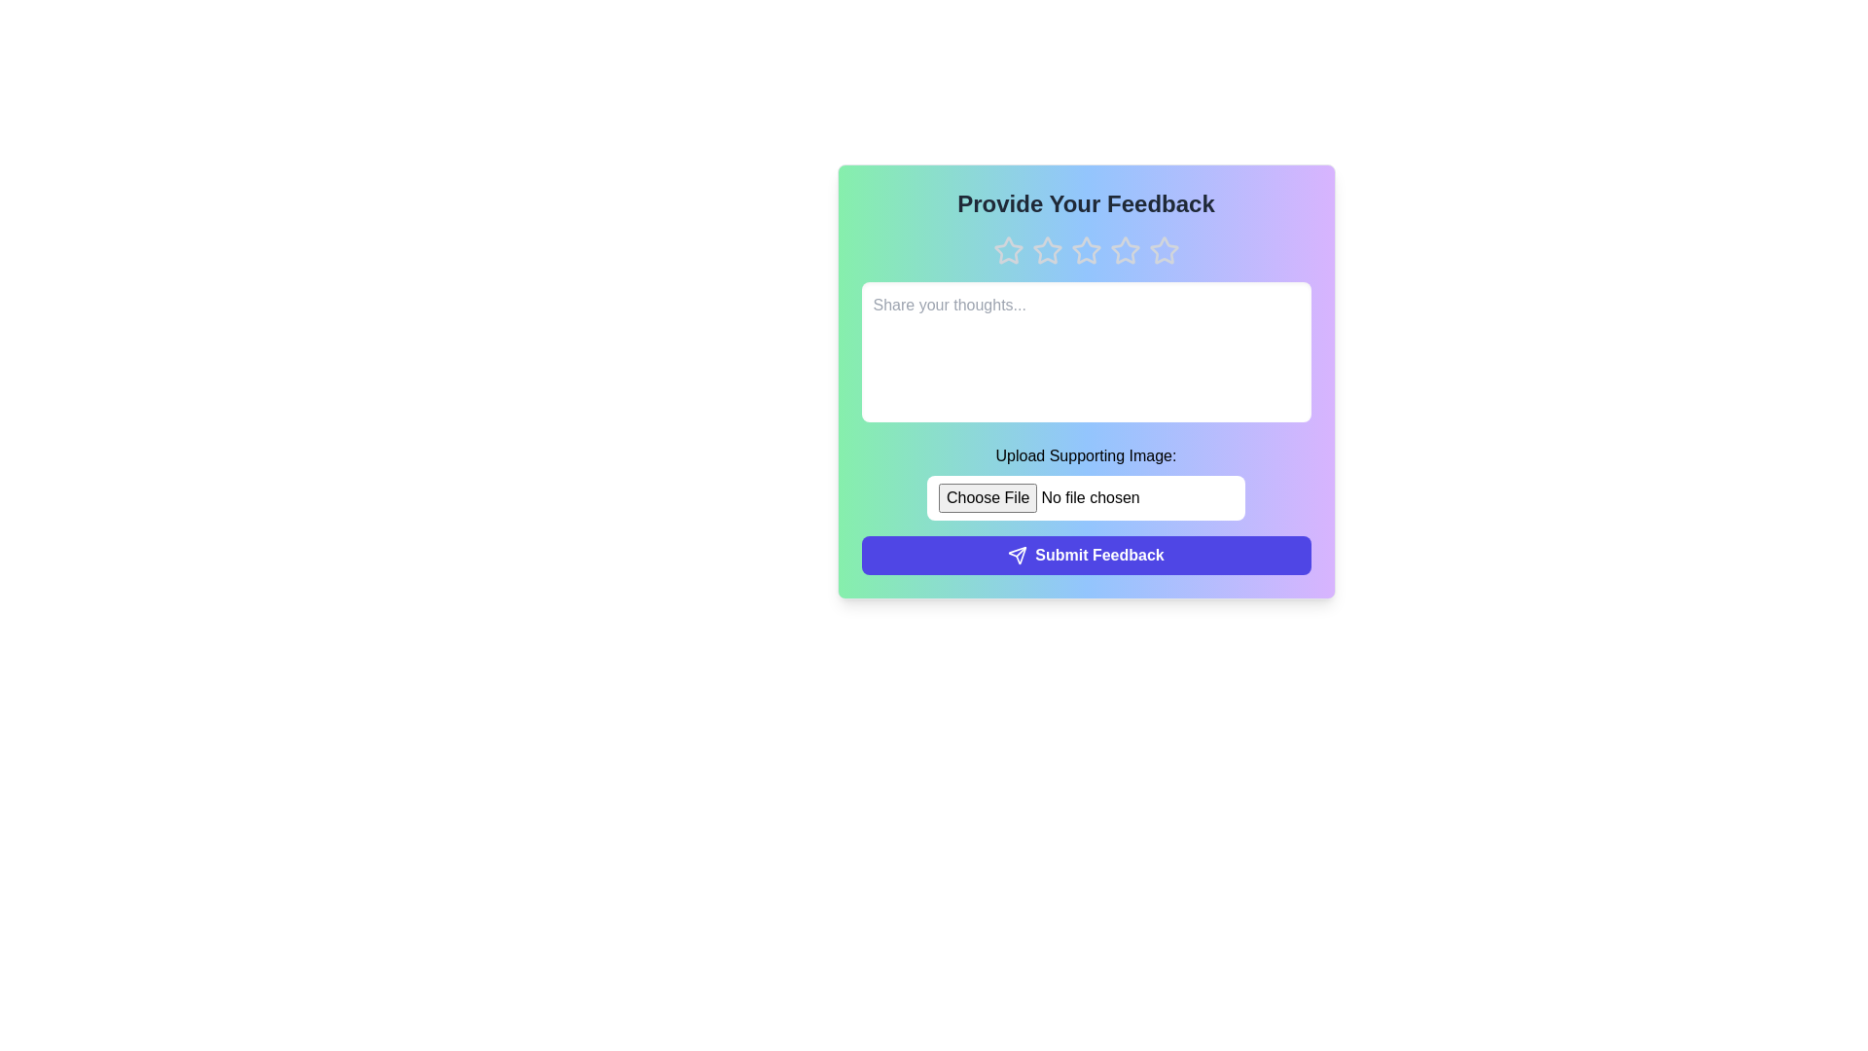 This screenshot has width=1868, height=1051. Describe the element at coordinates (1008, 250) in the screenshot. I see `the first star rating button located at the far left of the horizontal arrangement of five star icons in the feedback section` at that location.